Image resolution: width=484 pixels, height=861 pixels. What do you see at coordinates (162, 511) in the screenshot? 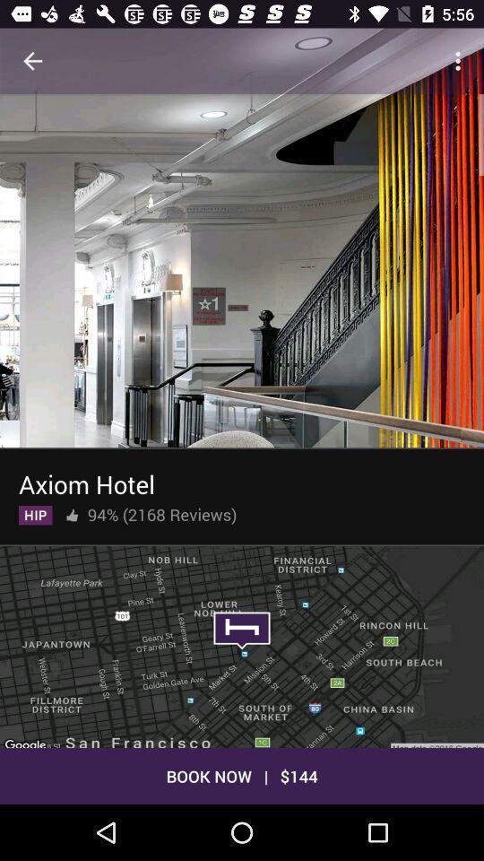
I see `the 94% (2168 reviews)` at bounding box center [162, 511].